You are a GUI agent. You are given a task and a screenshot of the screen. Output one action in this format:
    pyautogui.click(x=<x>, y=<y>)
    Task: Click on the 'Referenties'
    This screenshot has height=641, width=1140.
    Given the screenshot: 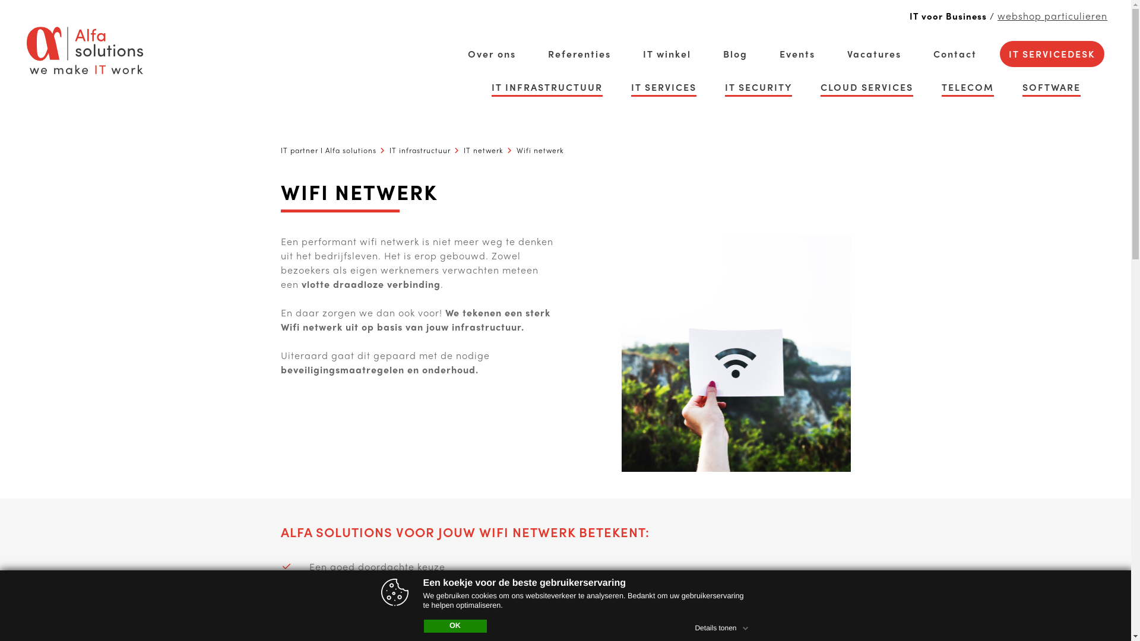 What is the action you would take?
    pyautogui.click(x=547, y=54)
    